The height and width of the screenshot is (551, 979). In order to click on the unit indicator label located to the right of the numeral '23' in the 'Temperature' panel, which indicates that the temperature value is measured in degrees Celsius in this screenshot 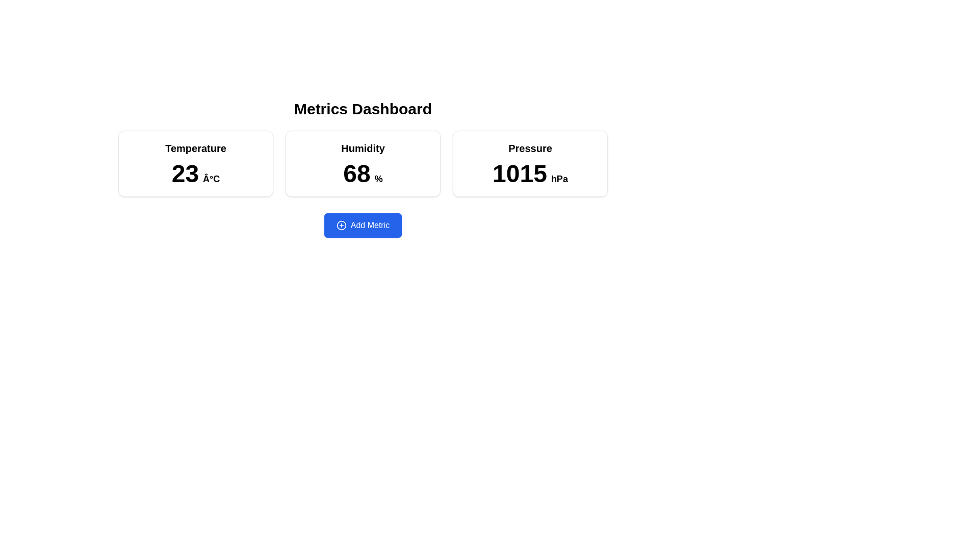, I will do `click(211, 179)`.